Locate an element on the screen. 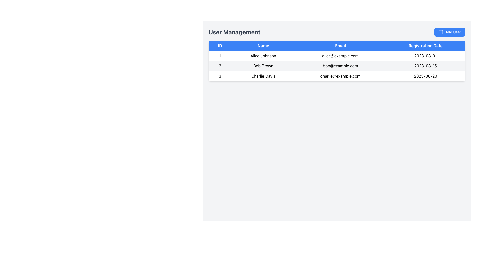  the first TableRow displaying information about user 'Alice Johnson' is located at coordinates (337, 56).